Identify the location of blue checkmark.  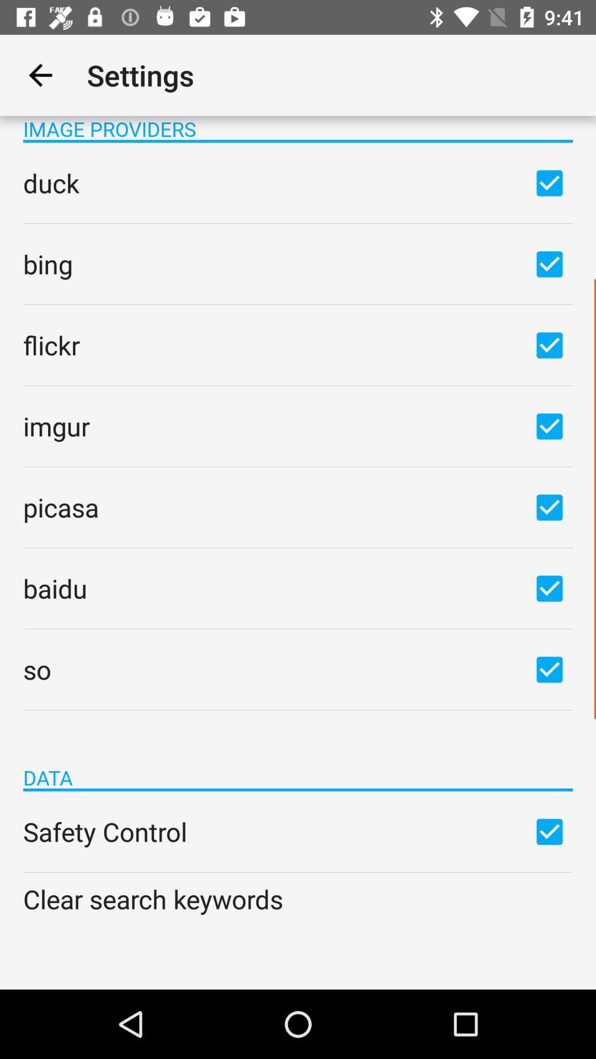
(549, 506).